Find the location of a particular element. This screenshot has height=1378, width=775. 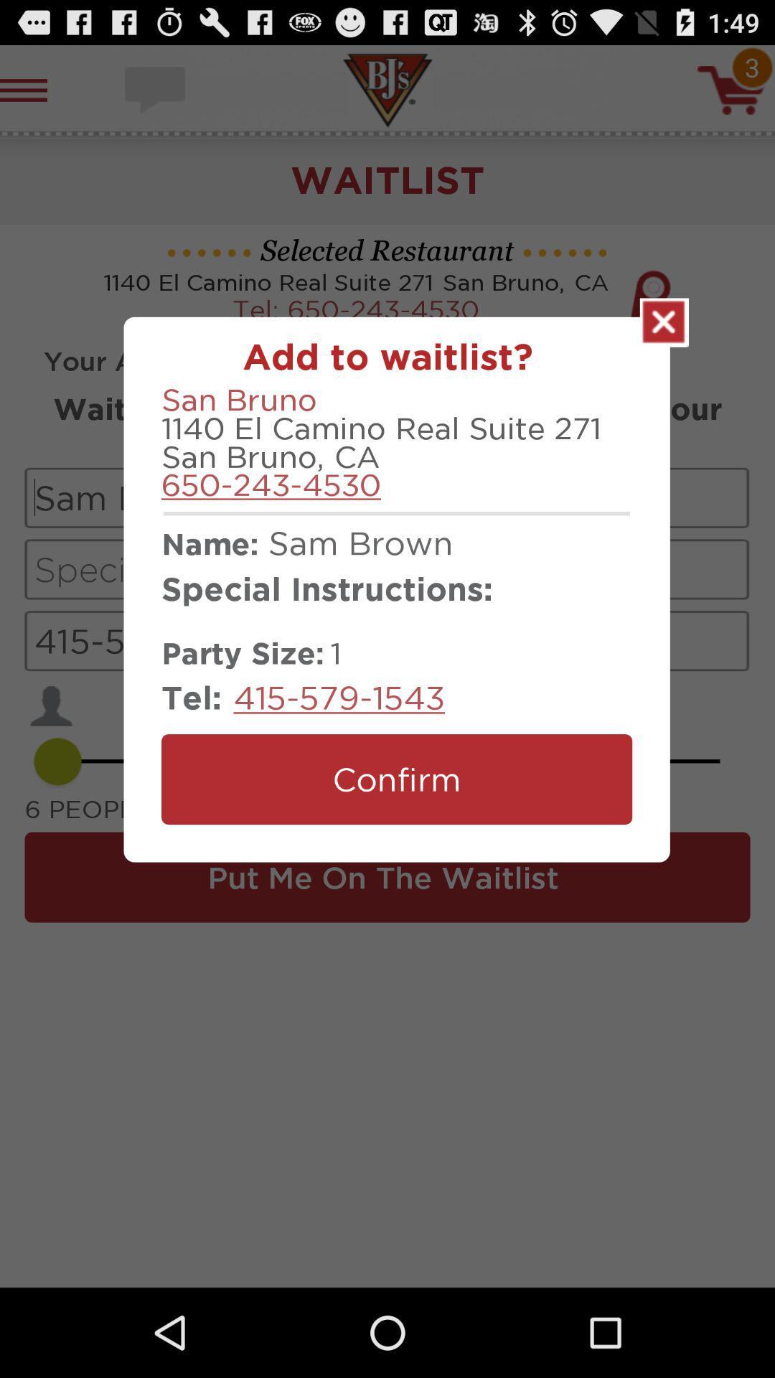

the waitlist is located at coordinates (664, 322).